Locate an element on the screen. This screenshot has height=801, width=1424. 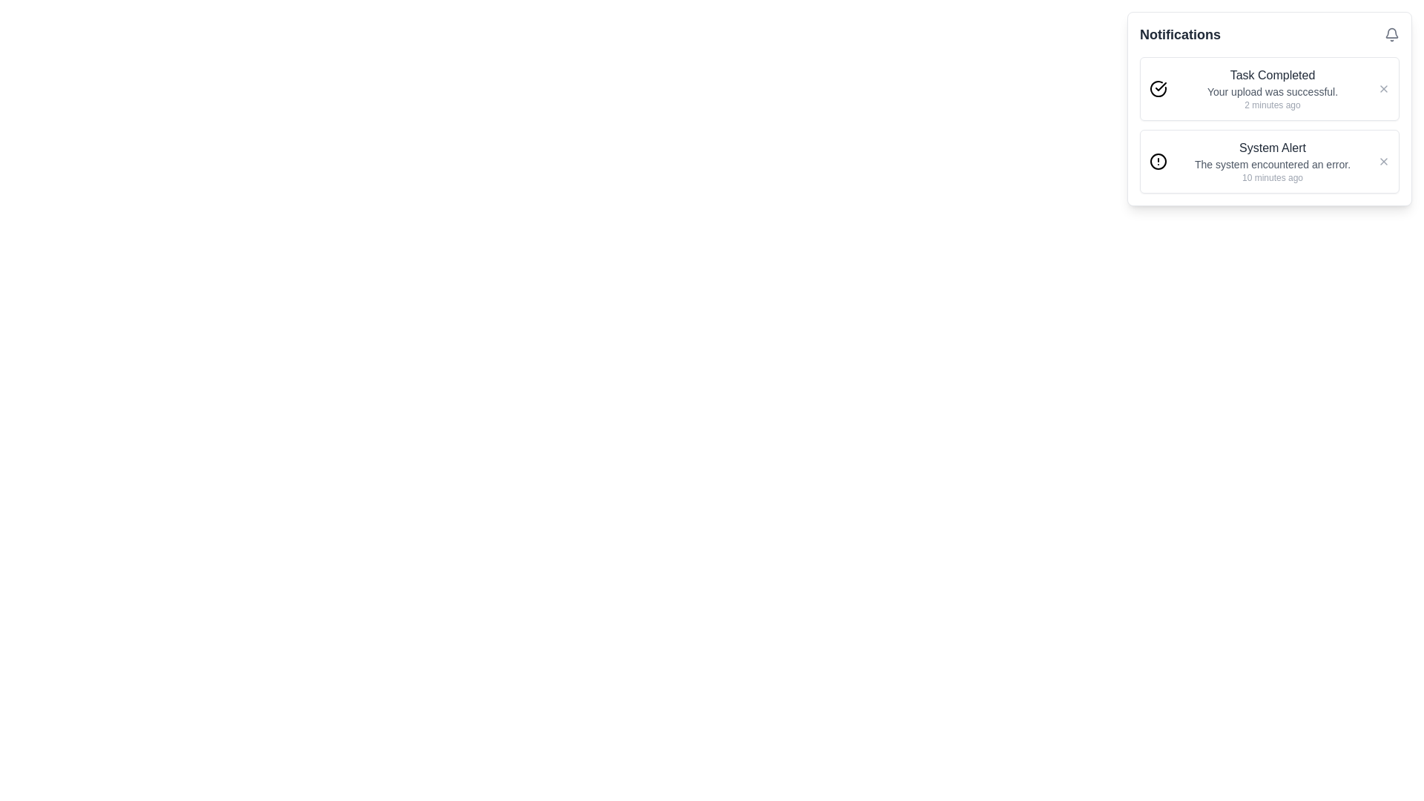
the circular checkmark icon indicating a successfully completed task, located at the leftmost side of the 'Task Completed' message block in the notification area is located at coordinates (1157, 88).